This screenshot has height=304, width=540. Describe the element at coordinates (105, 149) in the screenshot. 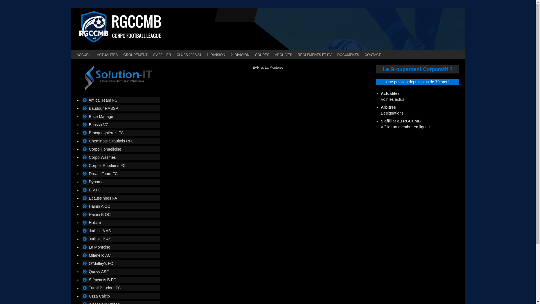

I see `'Corpo Honnelloise'` at that location.